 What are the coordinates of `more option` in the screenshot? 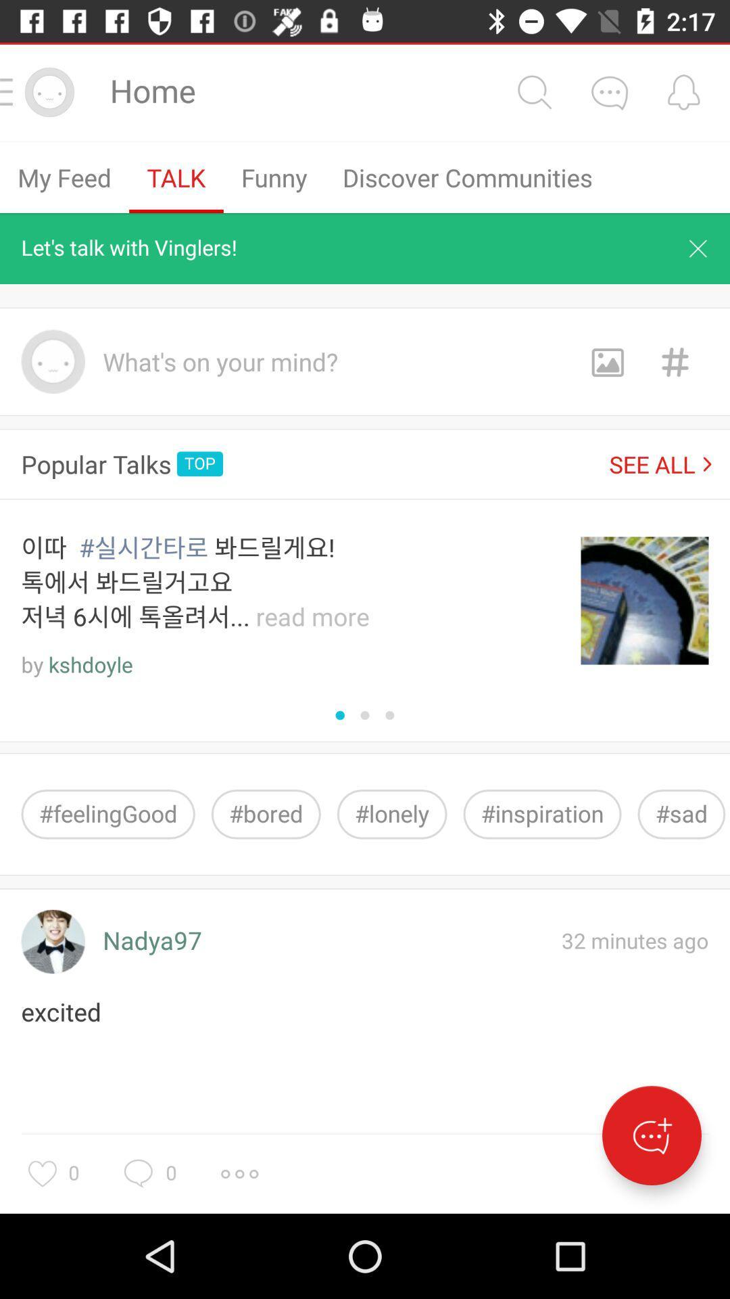 It's located at (239, 1173).